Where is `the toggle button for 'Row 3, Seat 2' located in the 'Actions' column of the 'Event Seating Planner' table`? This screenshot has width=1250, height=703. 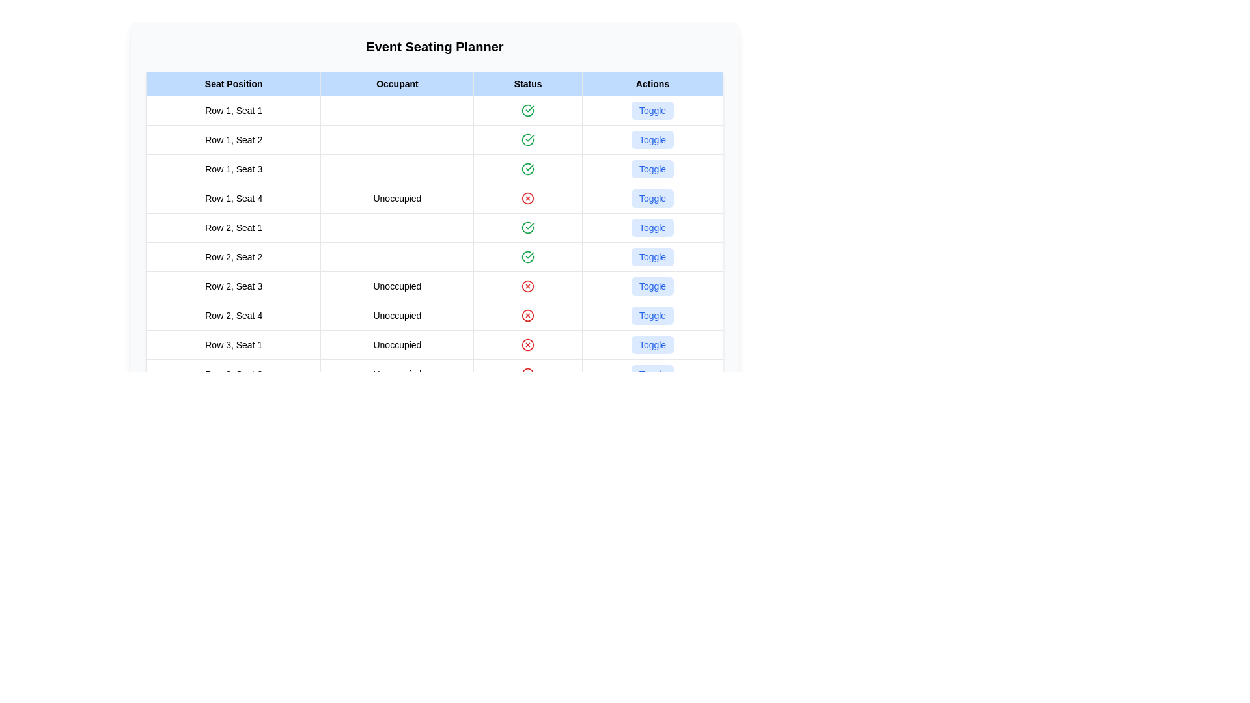 the toggle button for 'Row 3, Seat 2' located in the 'Actions' column of the 'Event Seating Planner' table is located at coordinates (652, 374).